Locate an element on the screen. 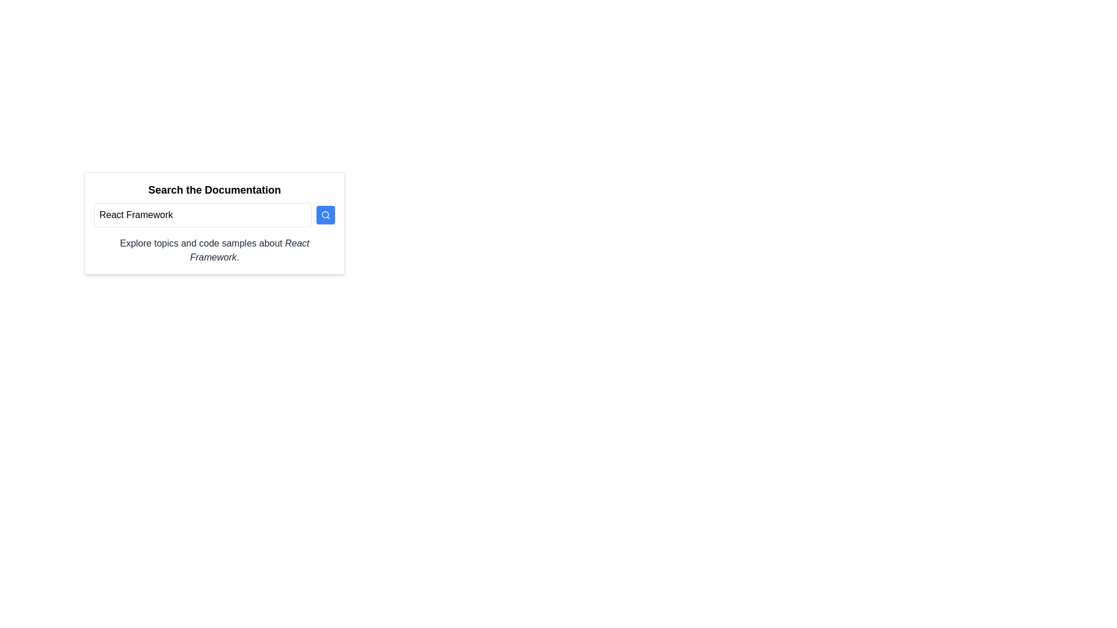  the small search icon, represented with a magnifying glass symbol, located in the center right area of the interactive button within the input search section is located at coordinates (326, 215).